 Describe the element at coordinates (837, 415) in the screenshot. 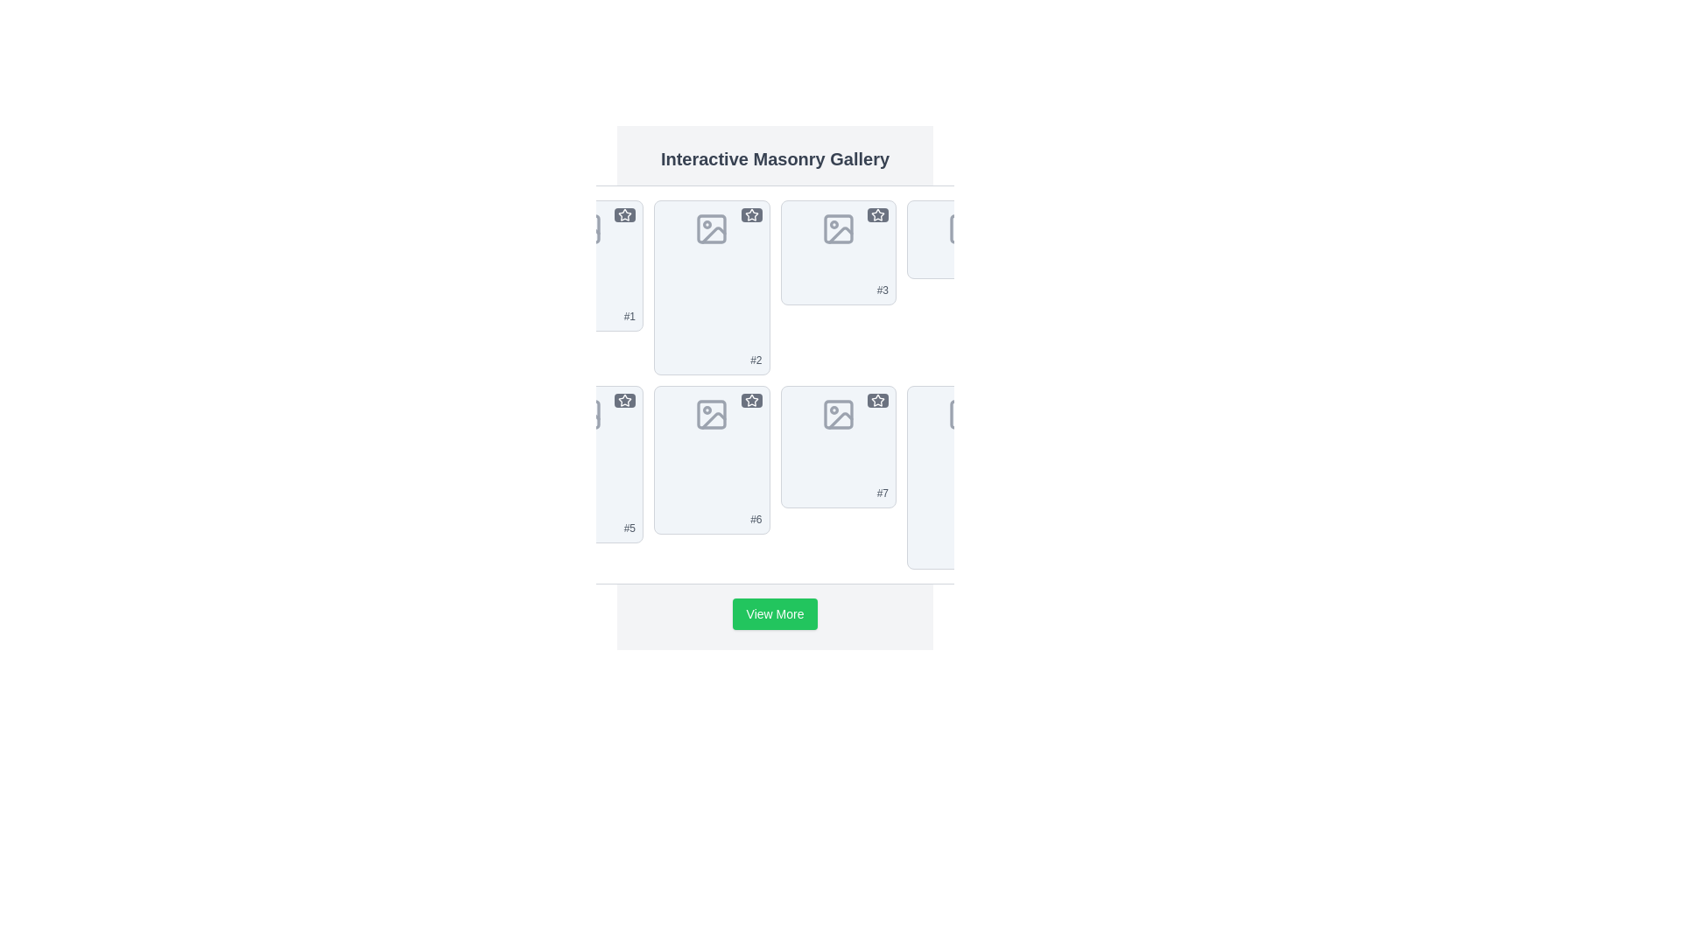

I see `the SVG image icon that represents a placeholder for an image, located in the seventh card of the 'Interactive Masonry Gallery'` at that location.